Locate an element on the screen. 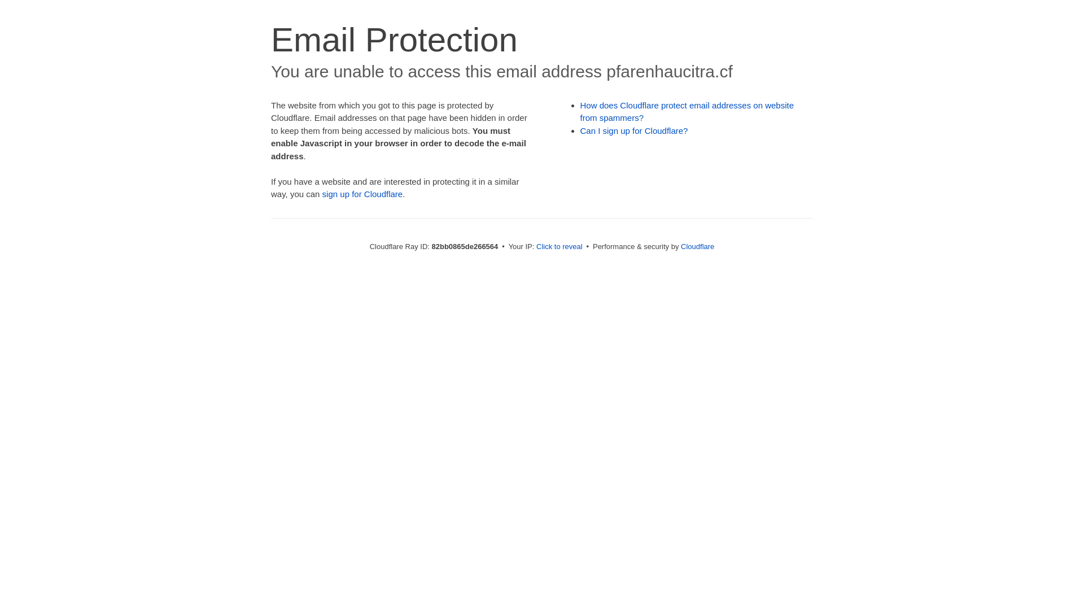 The image size is (1084, 610). 'Cloudflare' is located at coordinates (697, 246).